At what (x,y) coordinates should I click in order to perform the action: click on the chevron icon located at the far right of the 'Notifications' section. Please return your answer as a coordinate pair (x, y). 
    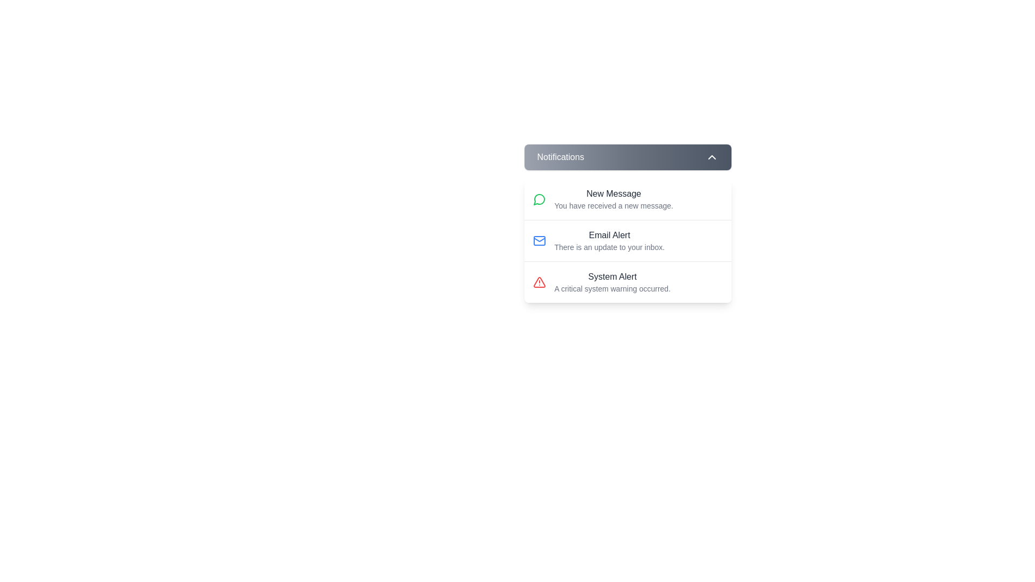
    Looking at the image, I should click on (712, 157).